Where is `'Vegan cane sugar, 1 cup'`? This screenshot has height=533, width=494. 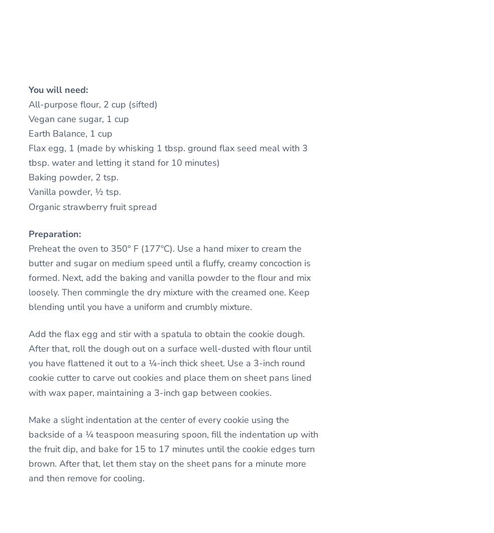
'Vegan cane sugar, 1 cup' is located at coordinates (79, 118).